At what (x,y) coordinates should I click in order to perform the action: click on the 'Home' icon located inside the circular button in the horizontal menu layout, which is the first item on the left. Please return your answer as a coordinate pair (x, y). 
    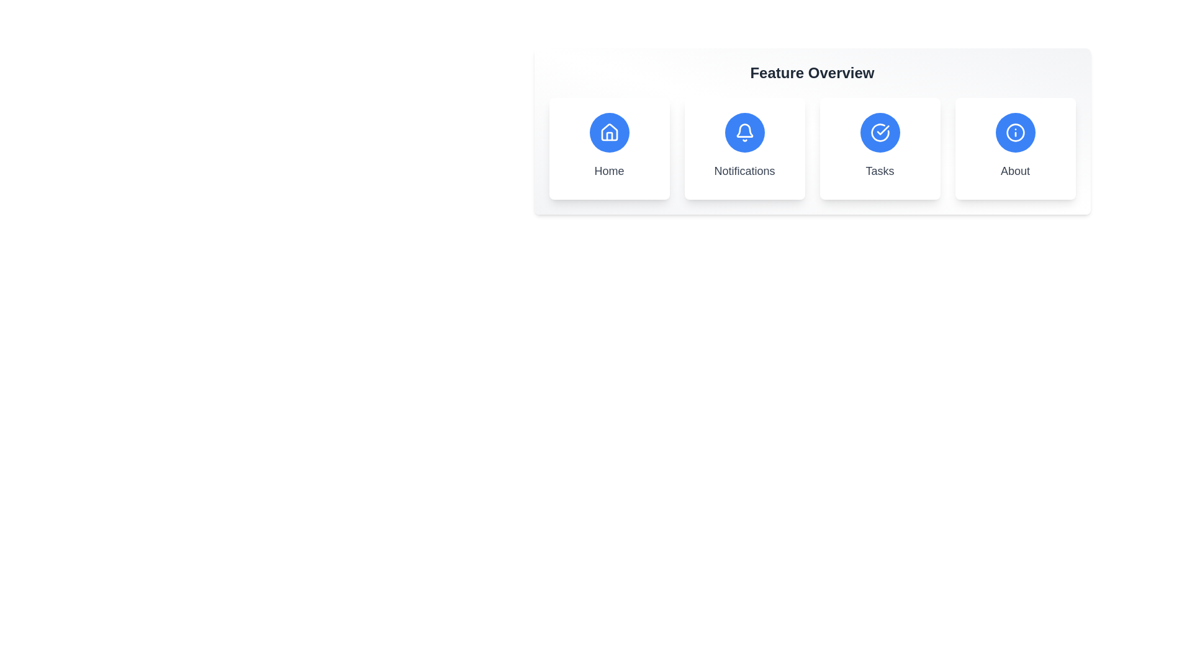
    Looking at the image, I should click on (609, 132).